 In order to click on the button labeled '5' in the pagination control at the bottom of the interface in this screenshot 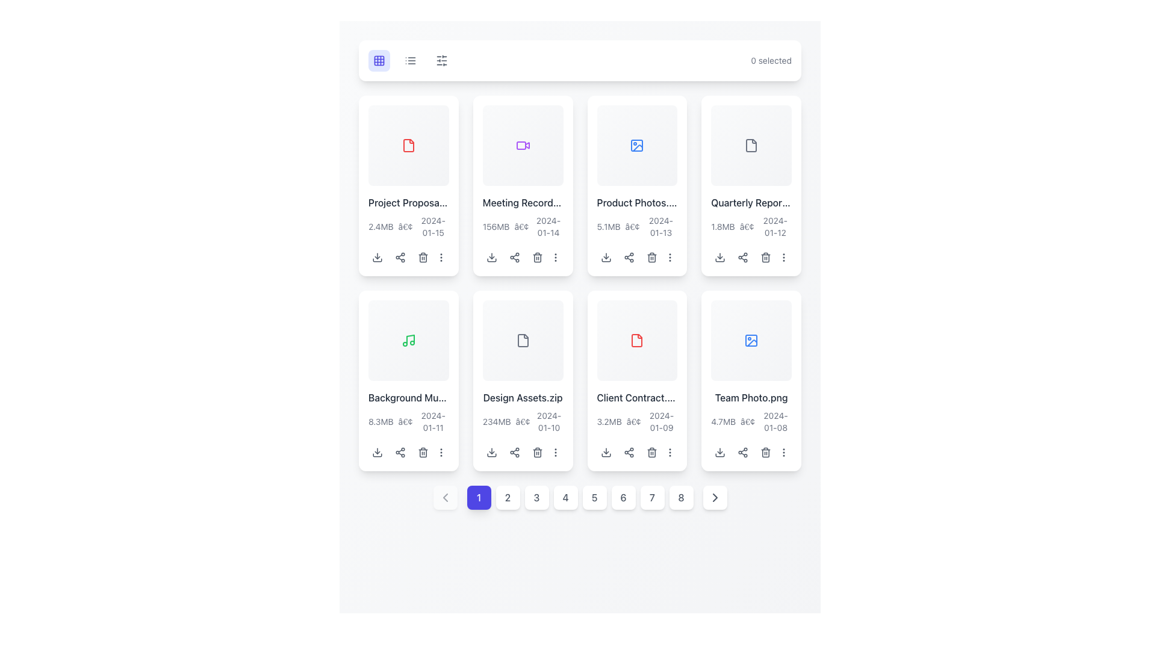, I will do `click(580, 497)`.